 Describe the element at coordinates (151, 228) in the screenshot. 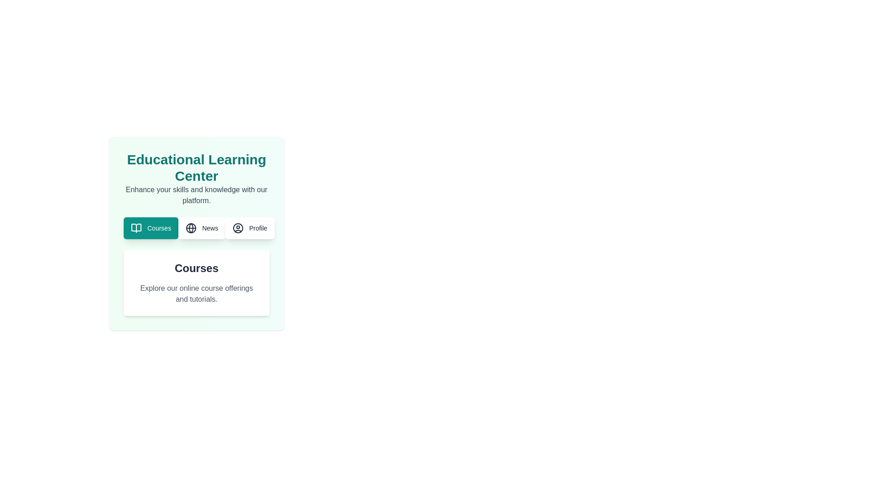

I see `the Courses tab button to navigate to the corresponding section` at that location.